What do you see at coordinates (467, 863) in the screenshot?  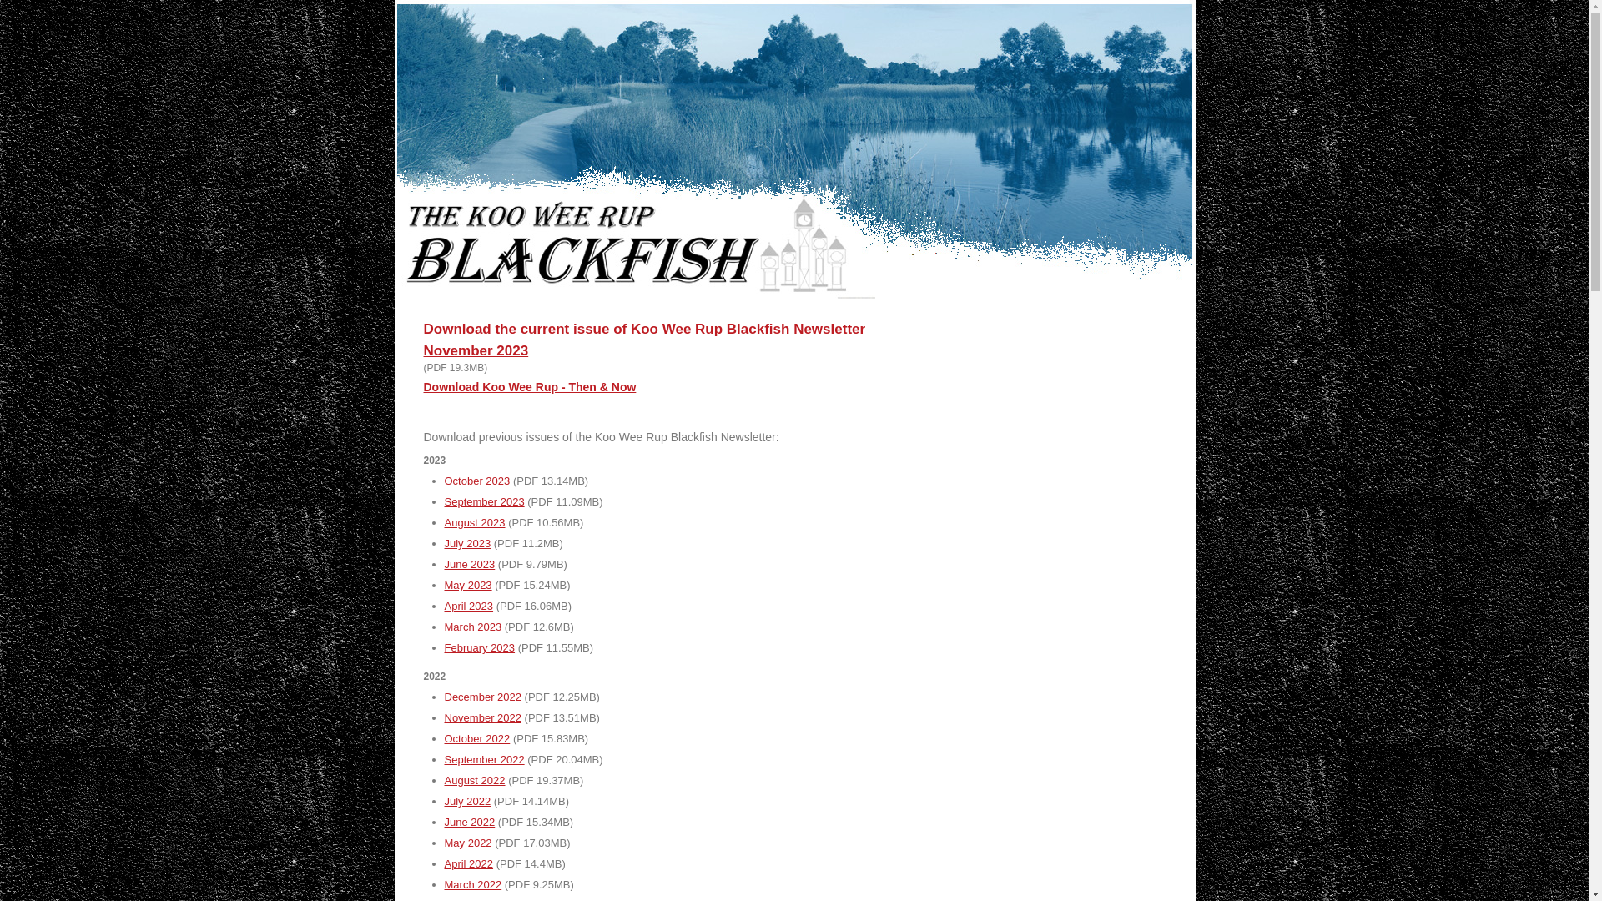 I see `'April 2022'` at bounding box center [467, 863].